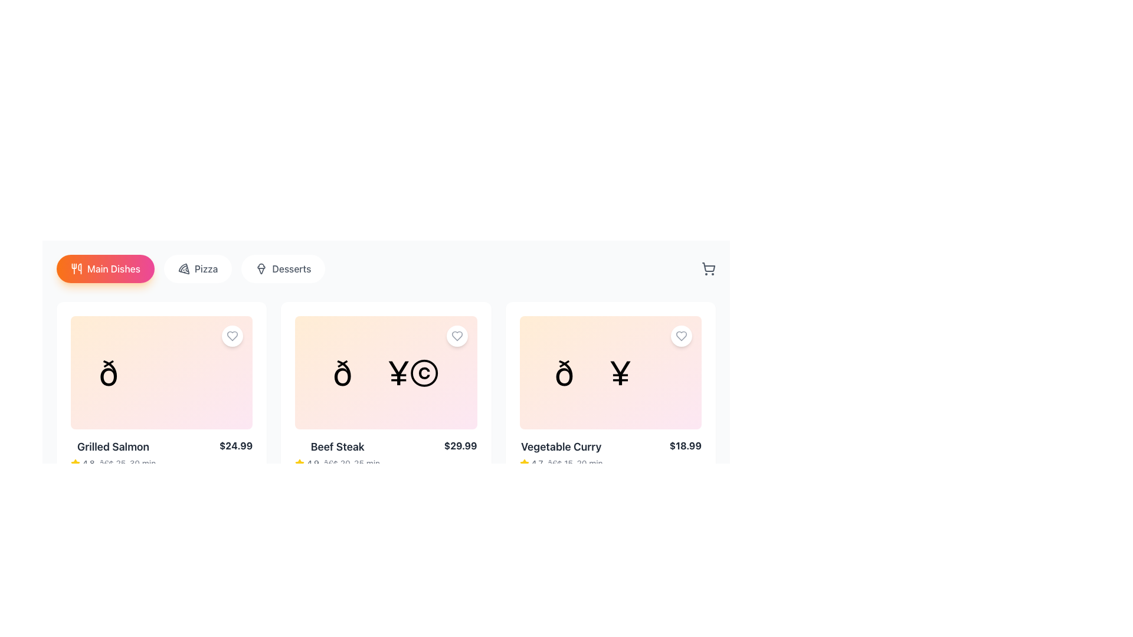 Image resolution: width=1133 pixels, height=637 pixels. What do you see at coordinates (523, 463) in the screenshot?
I see `the small gold star icon representing a rating score of 4.7, which is positioned to the left of the text label in the product details card for 'Vegetable Curry'` at bounding box center [523, 463].